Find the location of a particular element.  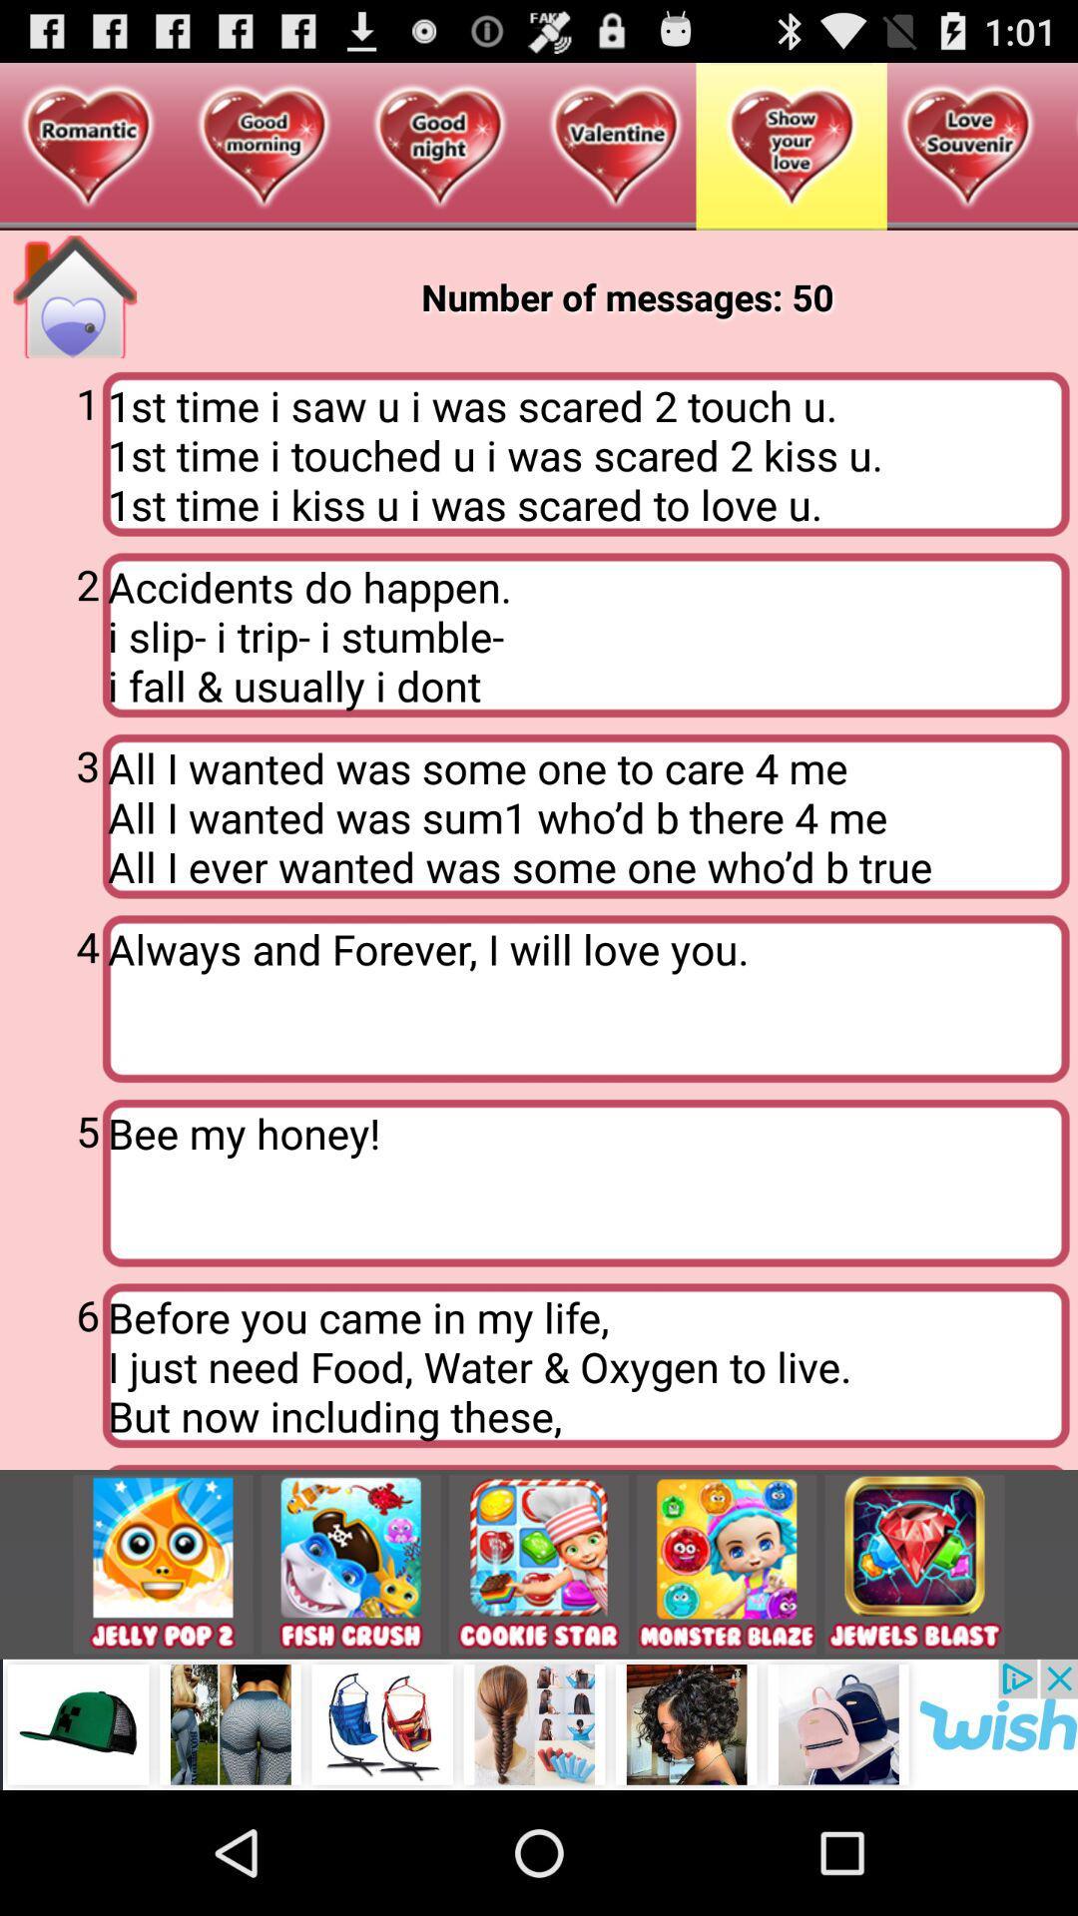

swtich autoplay option is located at coordinates (539, 1563).